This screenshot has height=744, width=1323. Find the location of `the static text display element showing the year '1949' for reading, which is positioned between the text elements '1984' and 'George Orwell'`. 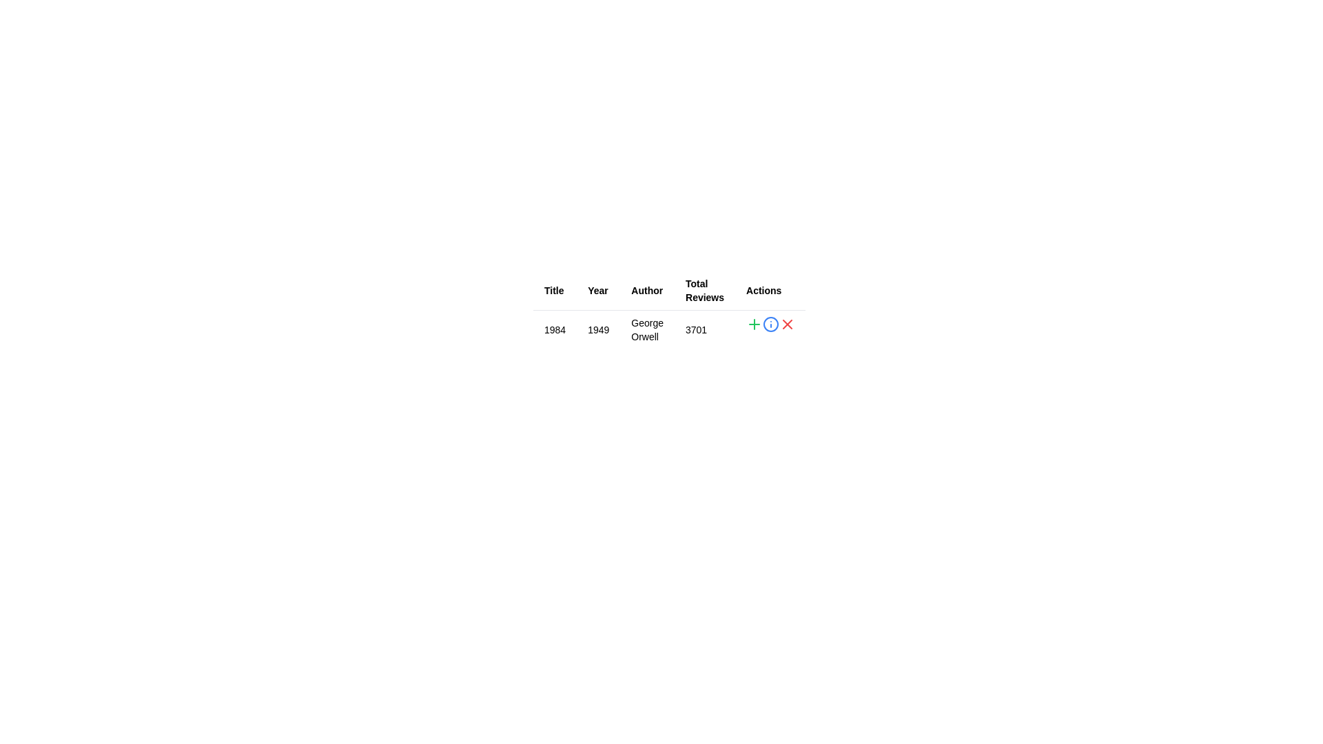

the static text display element showing the year '1949' for reading, which is positioned between the text elements '1984' and 'George Orwell' is located at coordinates (598, 329).